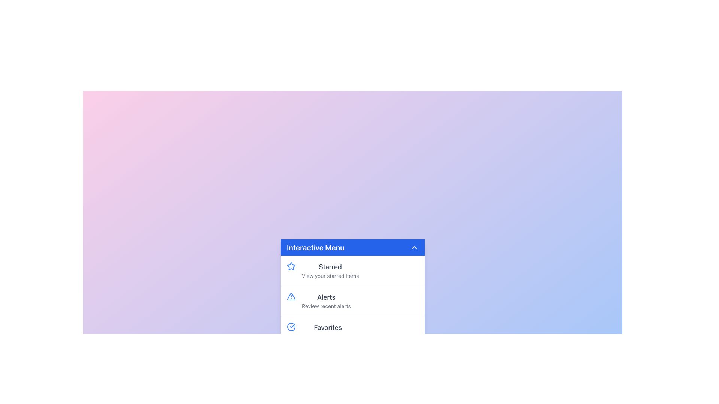  What do you see at coordinates (326, 301) in the screenshot?
I see `the Text Display element located as the second item in the 'Interactive Menu' dropdown, positioned between 'Starred' and 'Favorites'` at bounding box center [326, 301].